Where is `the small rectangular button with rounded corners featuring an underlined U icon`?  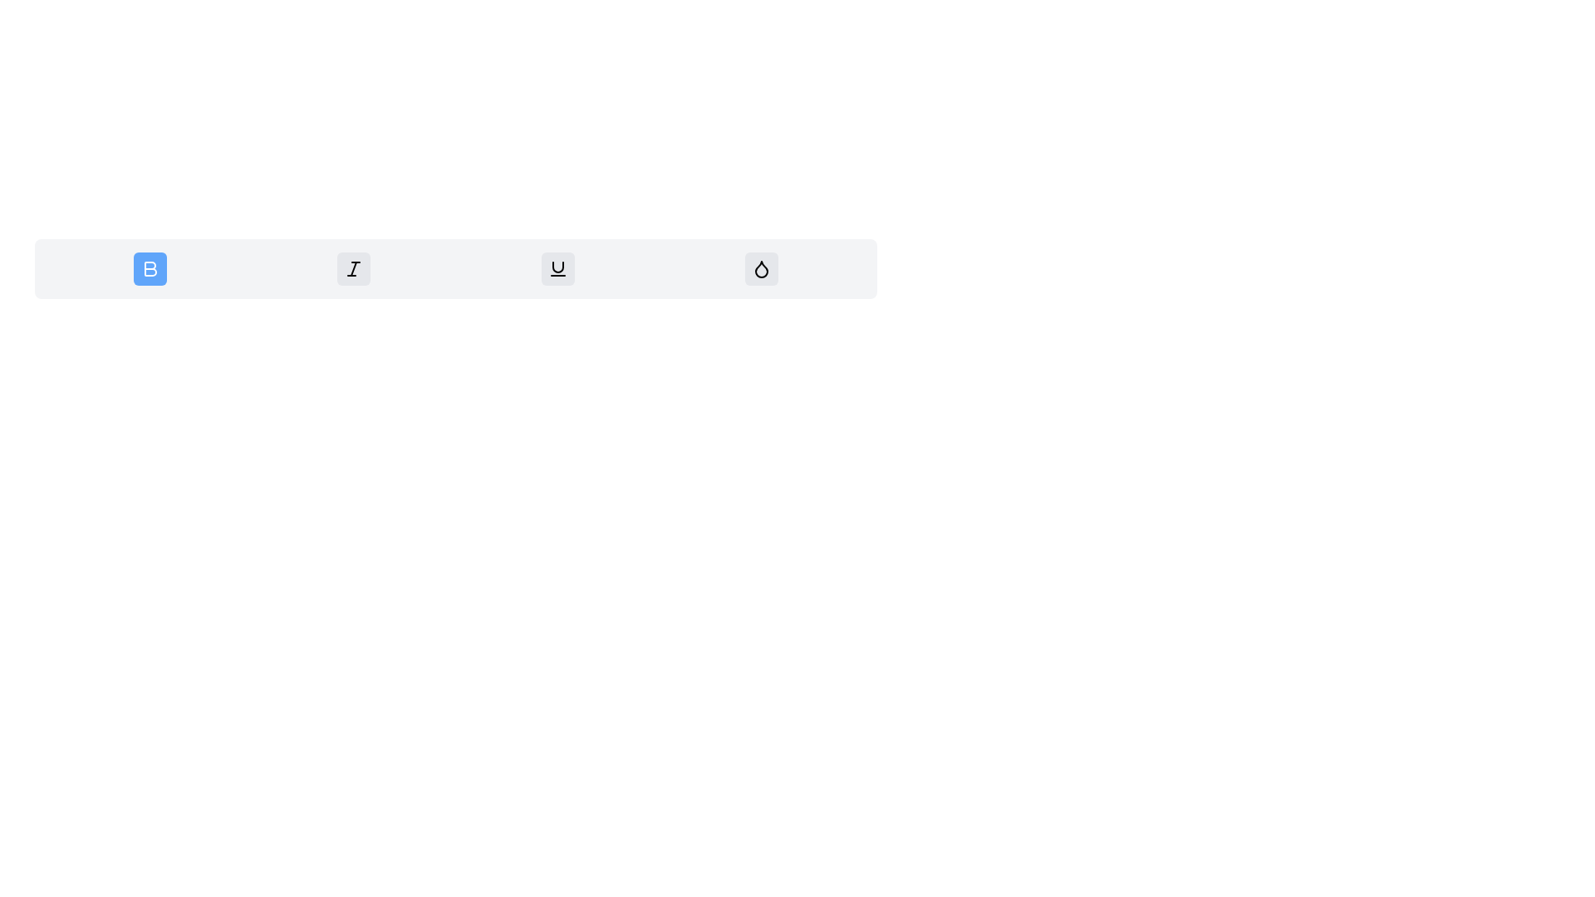
the small rectangular button with rounded corners featuring an underlined U icon is located at coordinates (557, 268).